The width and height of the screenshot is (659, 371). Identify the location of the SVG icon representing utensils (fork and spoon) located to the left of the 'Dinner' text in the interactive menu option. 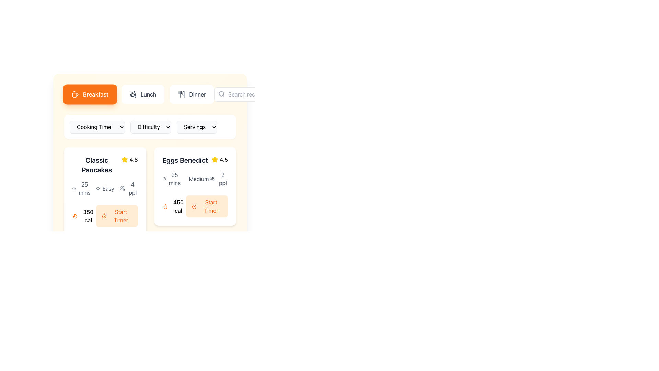
(182, 94).